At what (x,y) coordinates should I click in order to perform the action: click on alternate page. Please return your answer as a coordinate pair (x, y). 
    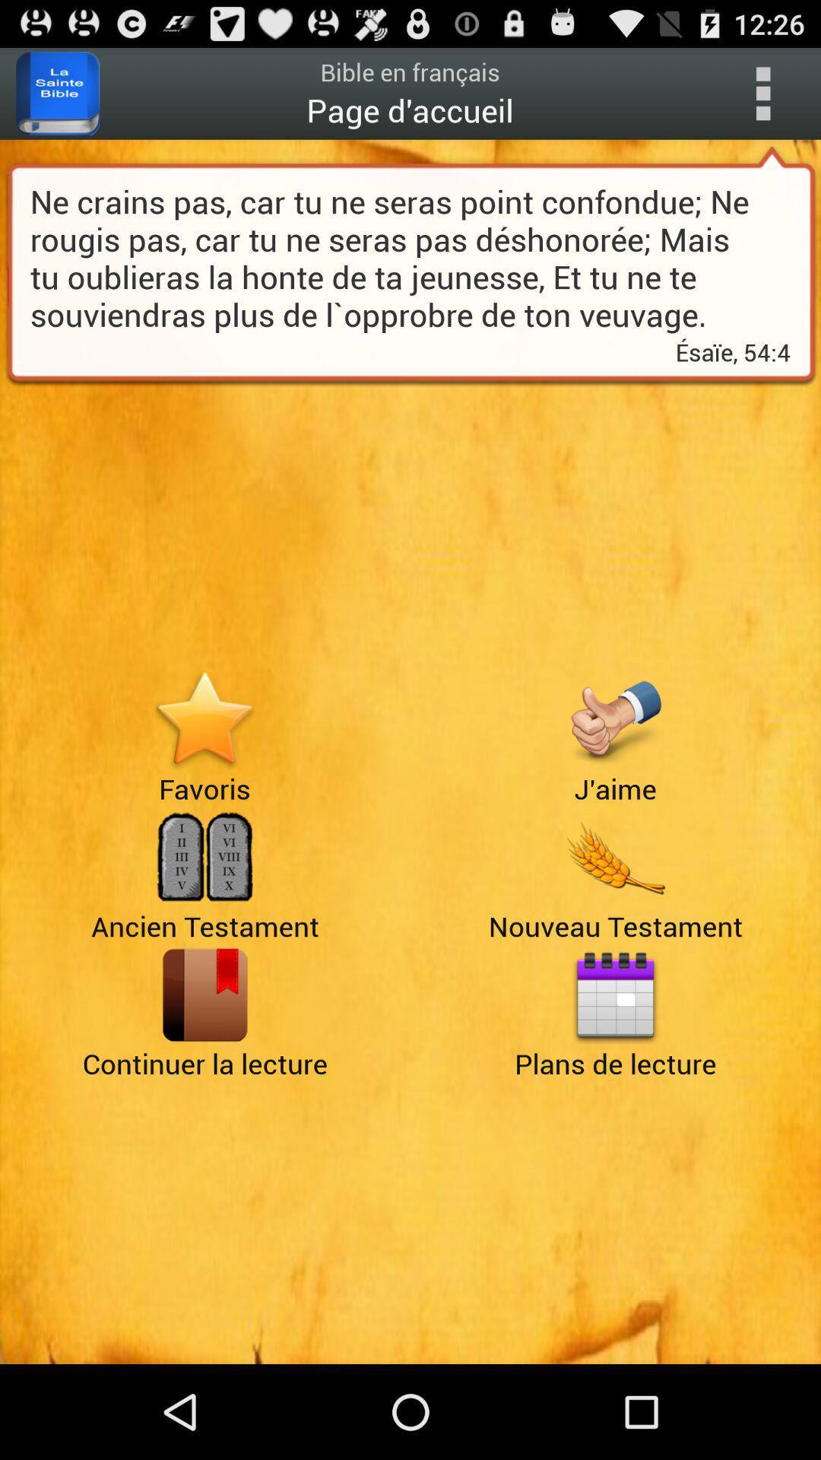
    Looking at the image, I should click on (204, 857).